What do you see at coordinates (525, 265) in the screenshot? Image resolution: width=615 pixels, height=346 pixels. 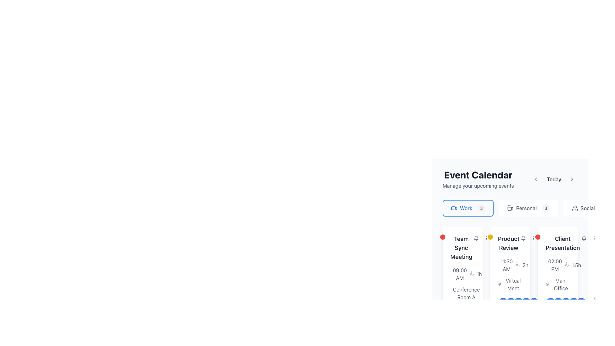 I see `text label indicating the duration of the 'Product Review' event, which specifies it lasts for 2 hours, located to the right of the time label '11:30 AM'` at bounding box center [525, 265].